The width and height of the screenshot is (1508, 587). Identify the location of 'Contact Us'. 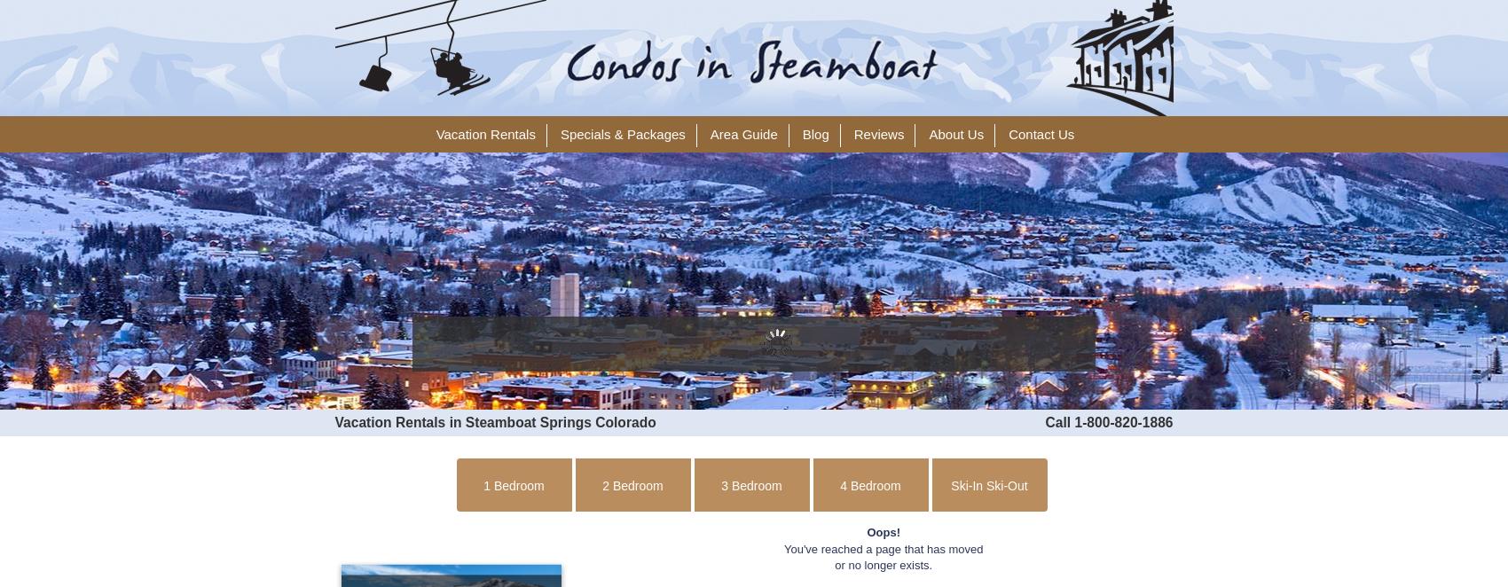
(1041, 134).